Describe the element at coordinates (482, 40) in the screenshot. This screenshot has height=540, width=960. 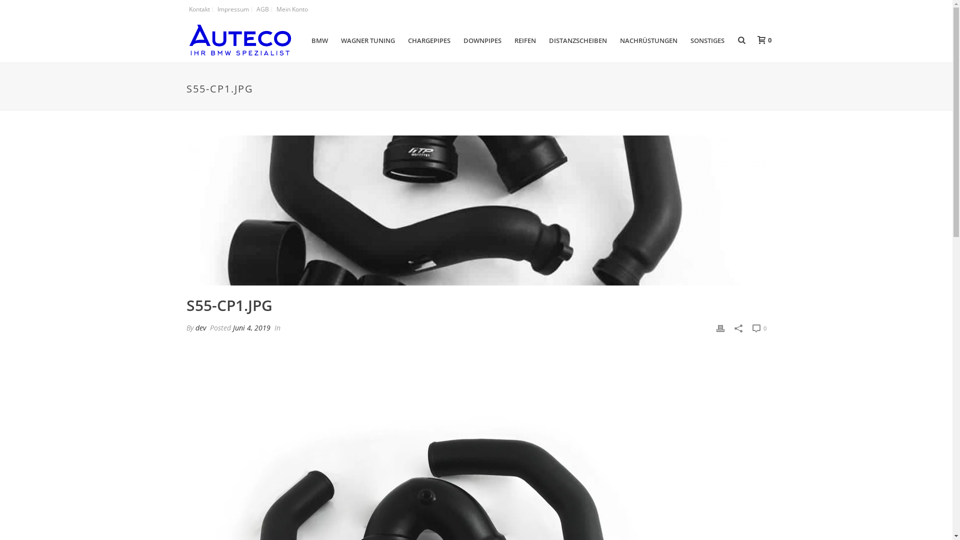
I see `'DOWNPIPES'` at that location.